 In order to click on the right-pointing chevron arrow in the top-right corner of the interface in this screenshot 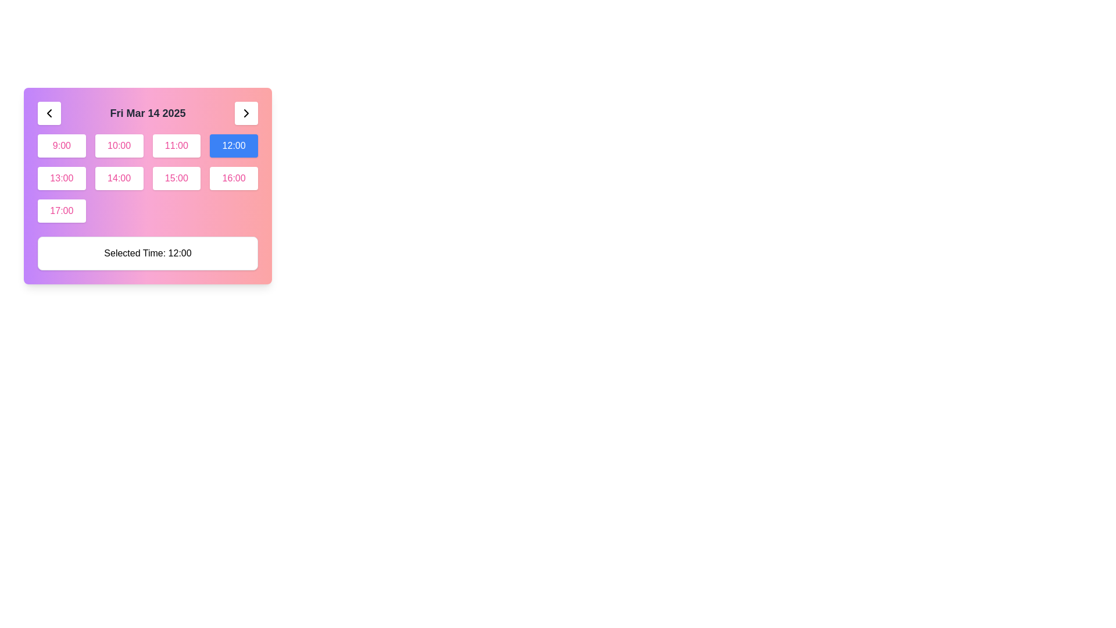, I will do `click(245, 113)`.